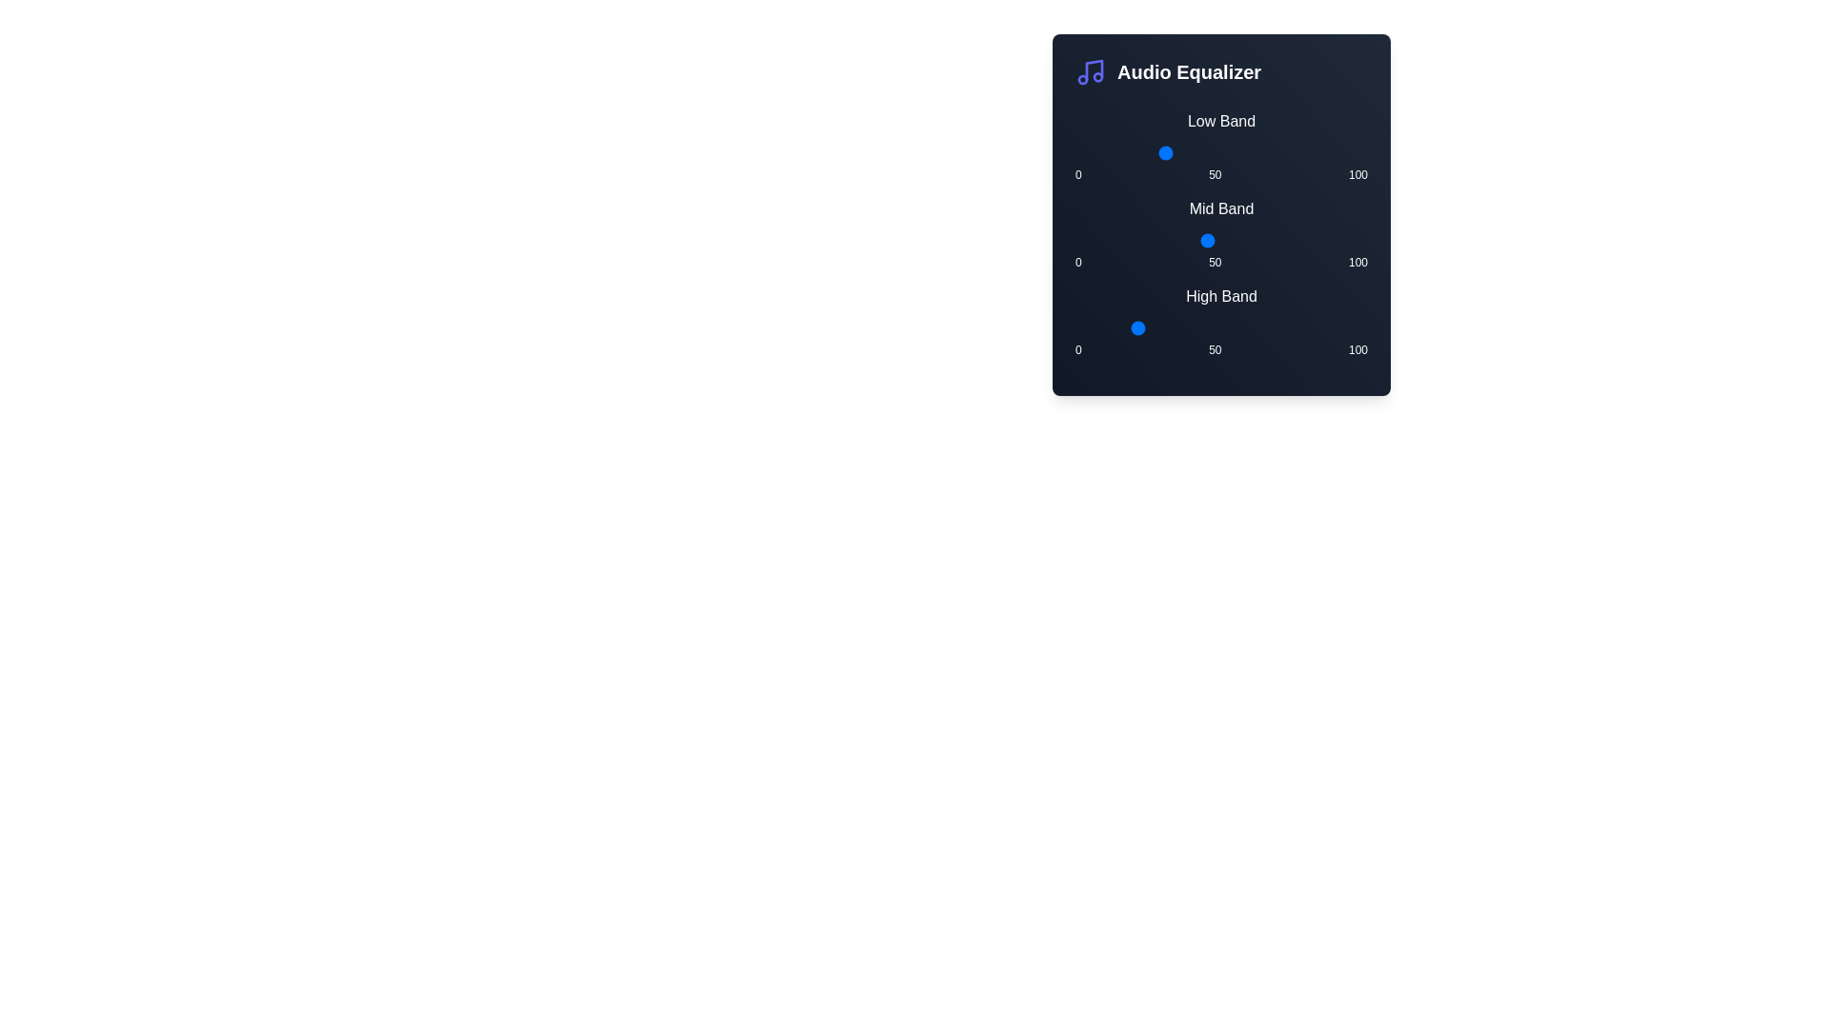 The image size is (1829, 1028). I want to click on the Mid Band slider to set its value to 30, so click(1162, 240).